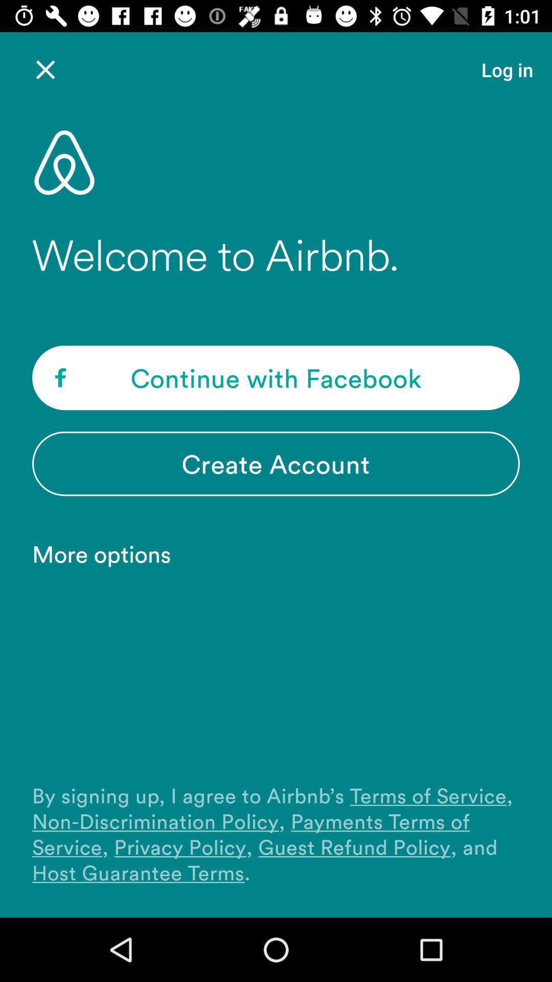 This screenshot has height=982, width=552. Describe the element at coordinates (107, 553) in the screenshot. I see `more options` at that location.